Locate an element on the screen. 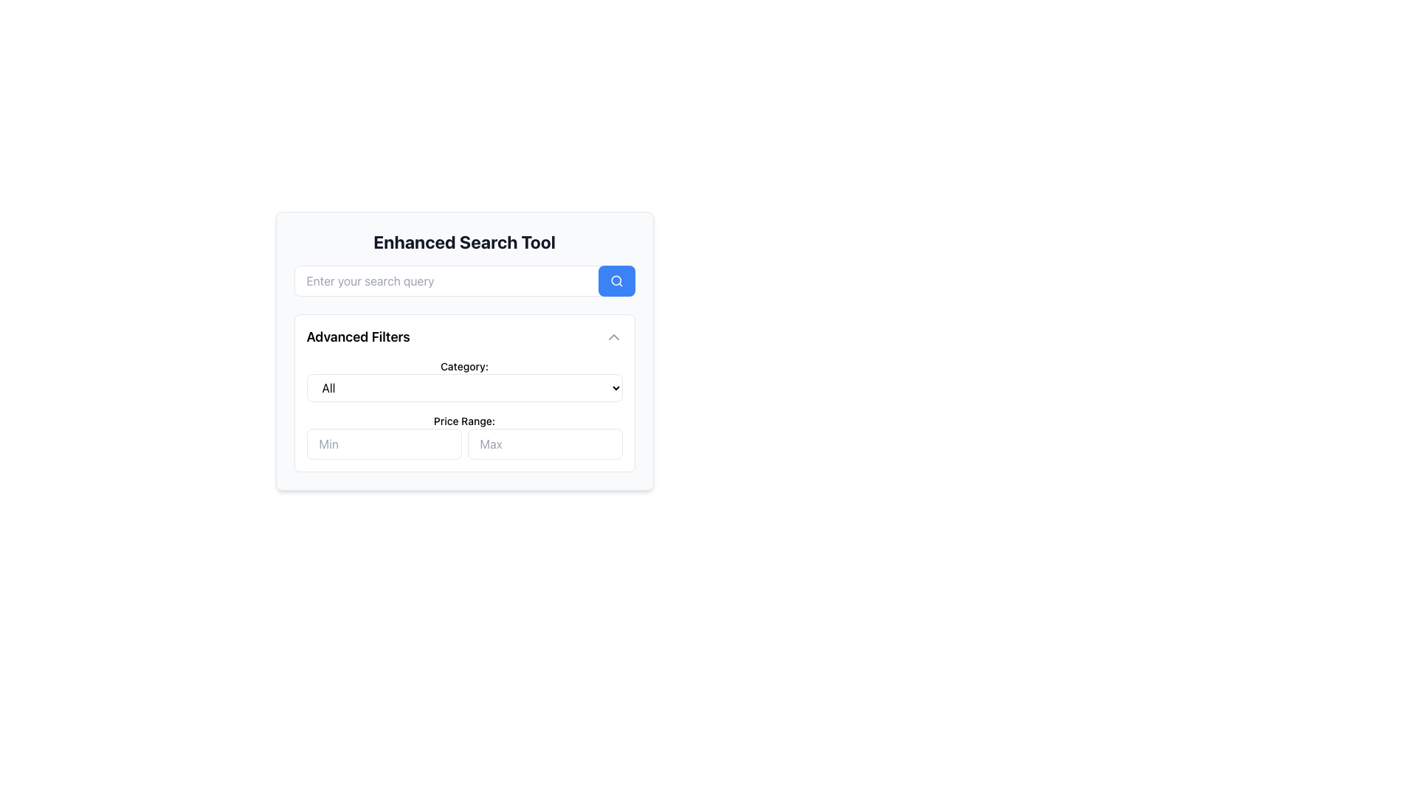 The height and width of the screenshot is (797, 1417). the Dropdown menu located under the 'Category:' label in the 'Advanced Filters' section is located at coordinates (463, 380).